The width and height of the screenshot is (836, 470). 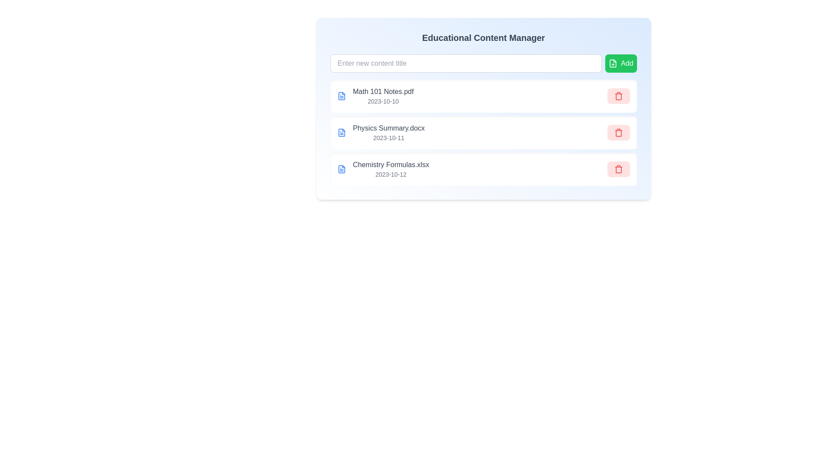 What do you see at coordinates (375, 96) in the screenshot?
I see `the file entry 'Math 101 Notes.pdf'` at bounding box center [375, 96].